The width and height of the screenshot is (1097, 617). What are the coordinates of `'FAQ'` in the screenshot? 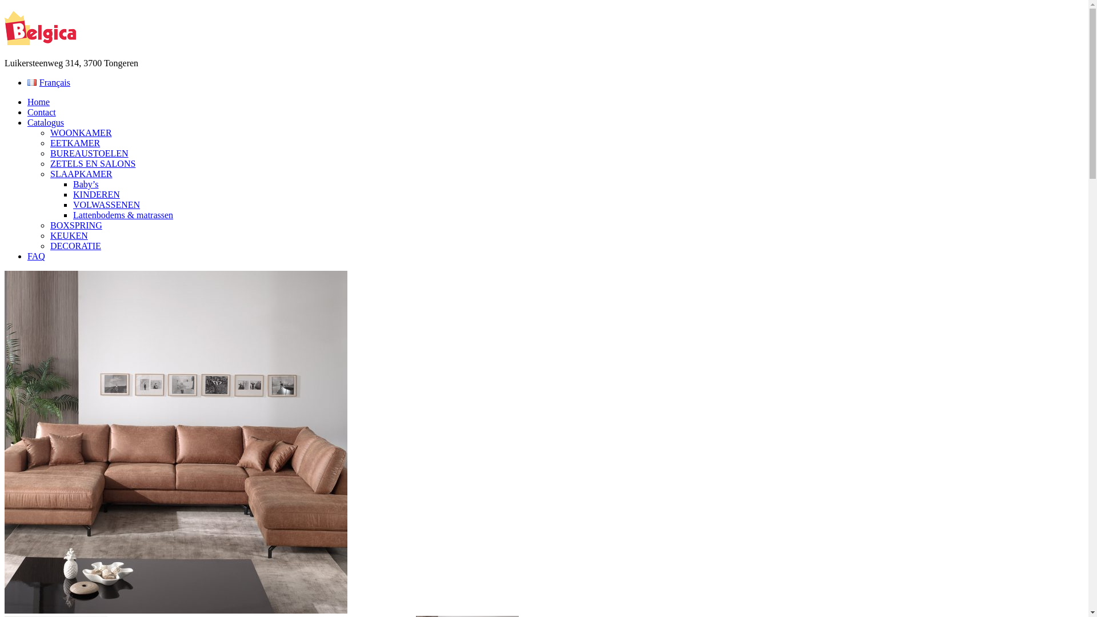 It's located at (27, 255).